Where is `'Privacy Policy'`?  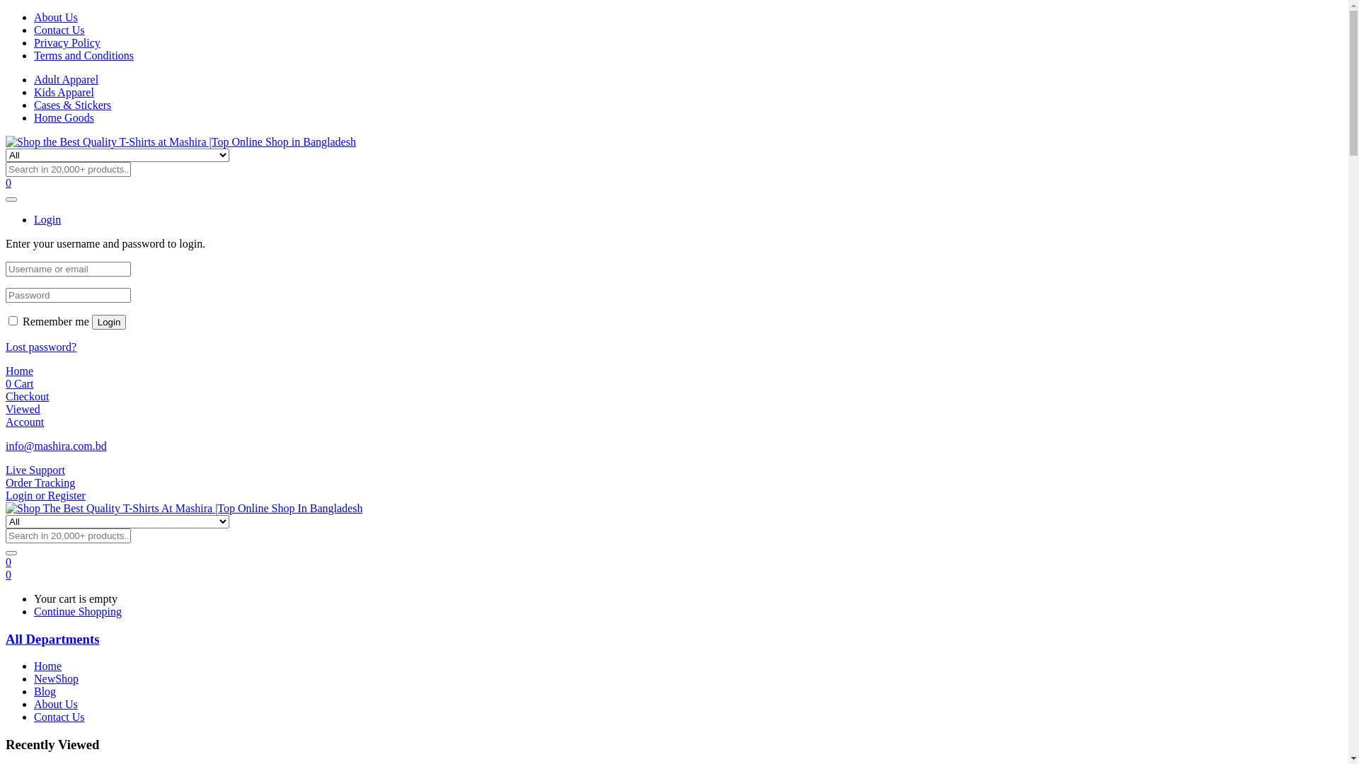
'Privacy Policy' is located at coordinates (67, 42).